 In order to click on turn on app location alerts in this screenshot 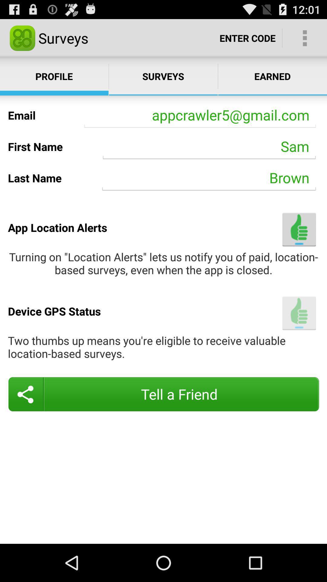, I will do `click(299, 229)`.